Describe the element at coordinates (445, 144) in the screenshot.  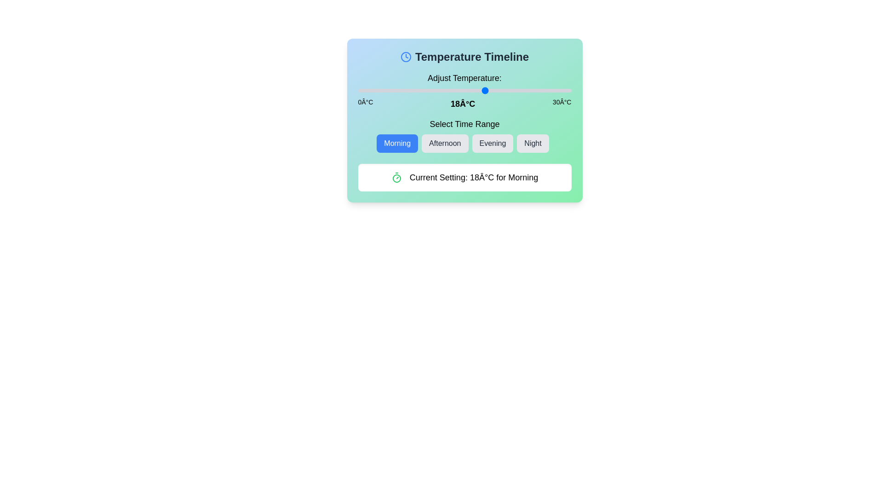
I see `the 'Afternoon' button to select the corresponding time range` at that location.